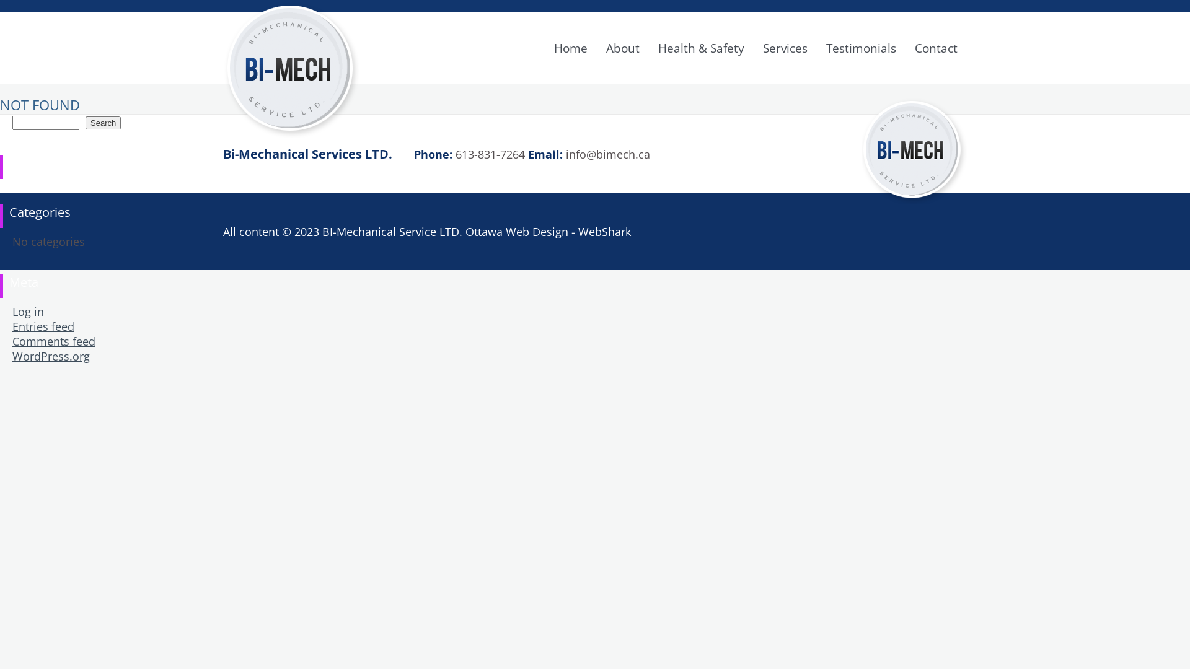 This screenshot has height=669, width=1190. I want to click on 'Comments feed', so click(53, 341).